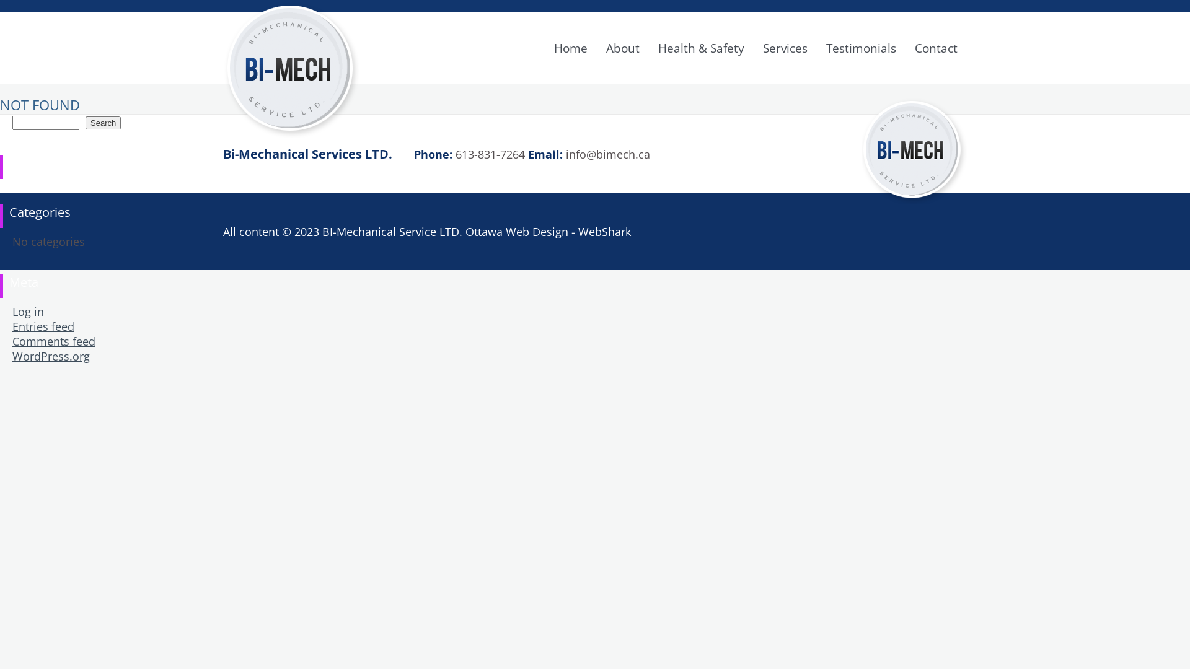 This screenshot has height=669, width=1190. I want to click on 'Comments feed', so click(53, 341).